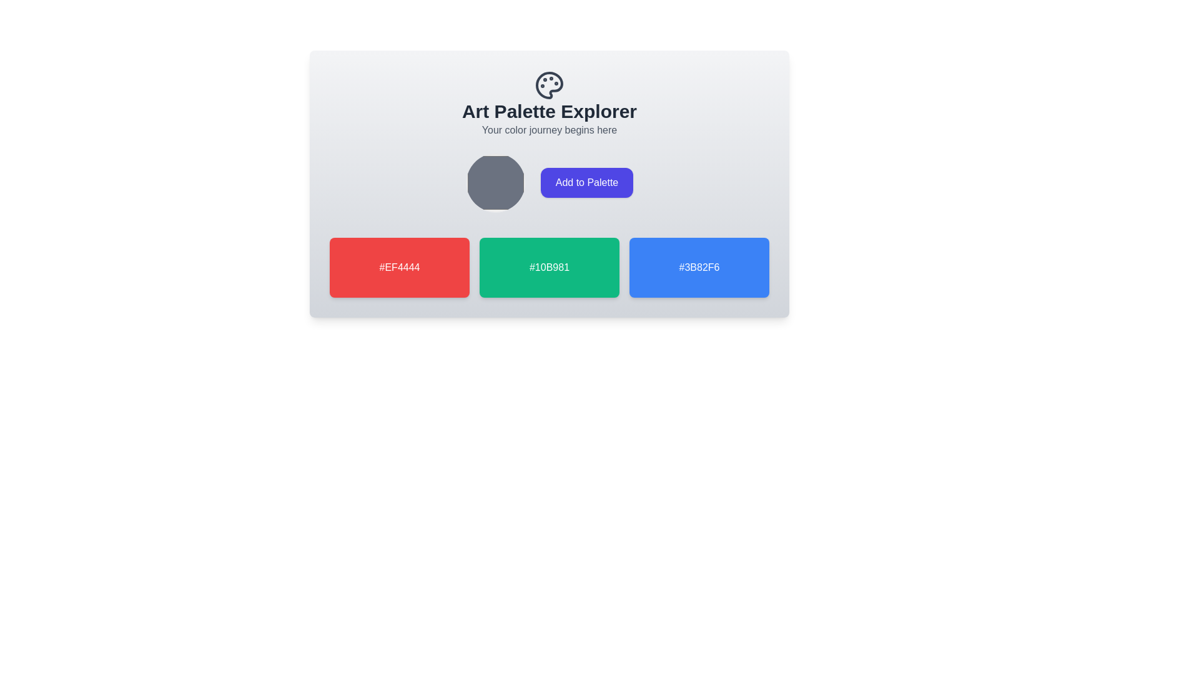  I want to click on the Static Color Display Block that showcases the color HEX #EF4444, which is the first element in a row of three rectangular components, so click(398, 266).